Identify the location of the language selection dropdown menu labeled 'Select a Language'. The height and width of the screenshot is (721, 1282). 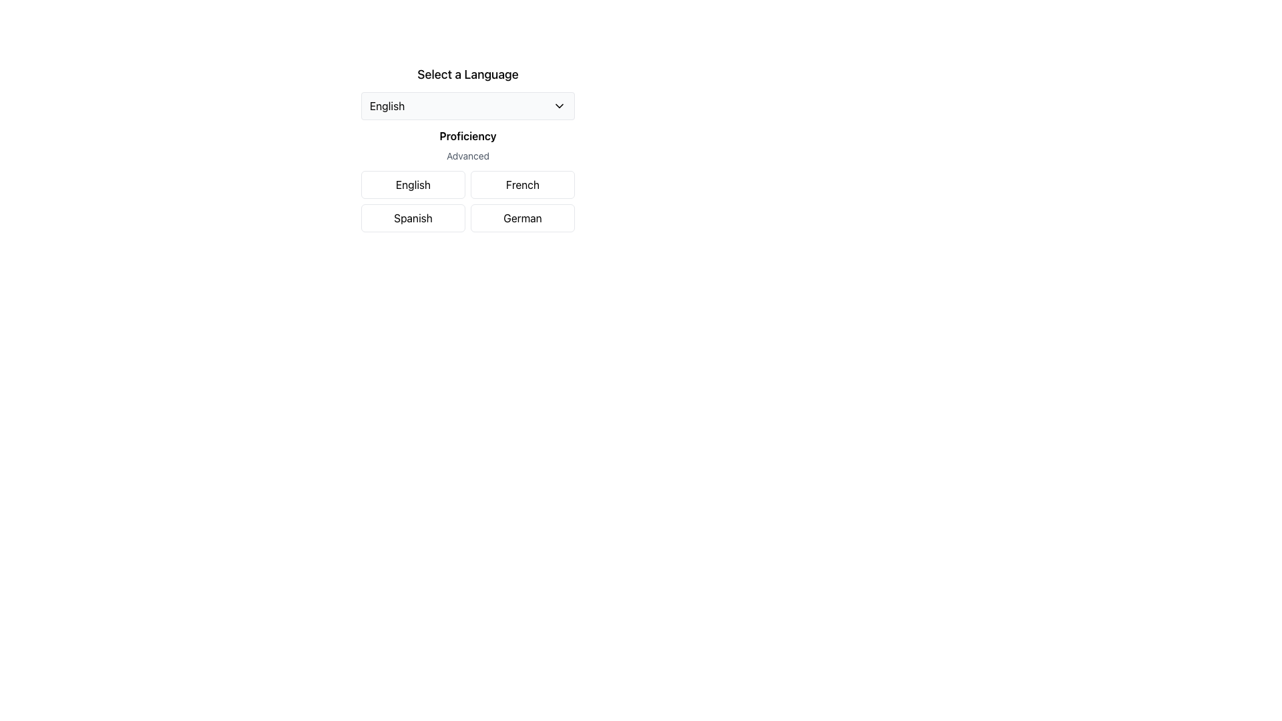
(467, 105).